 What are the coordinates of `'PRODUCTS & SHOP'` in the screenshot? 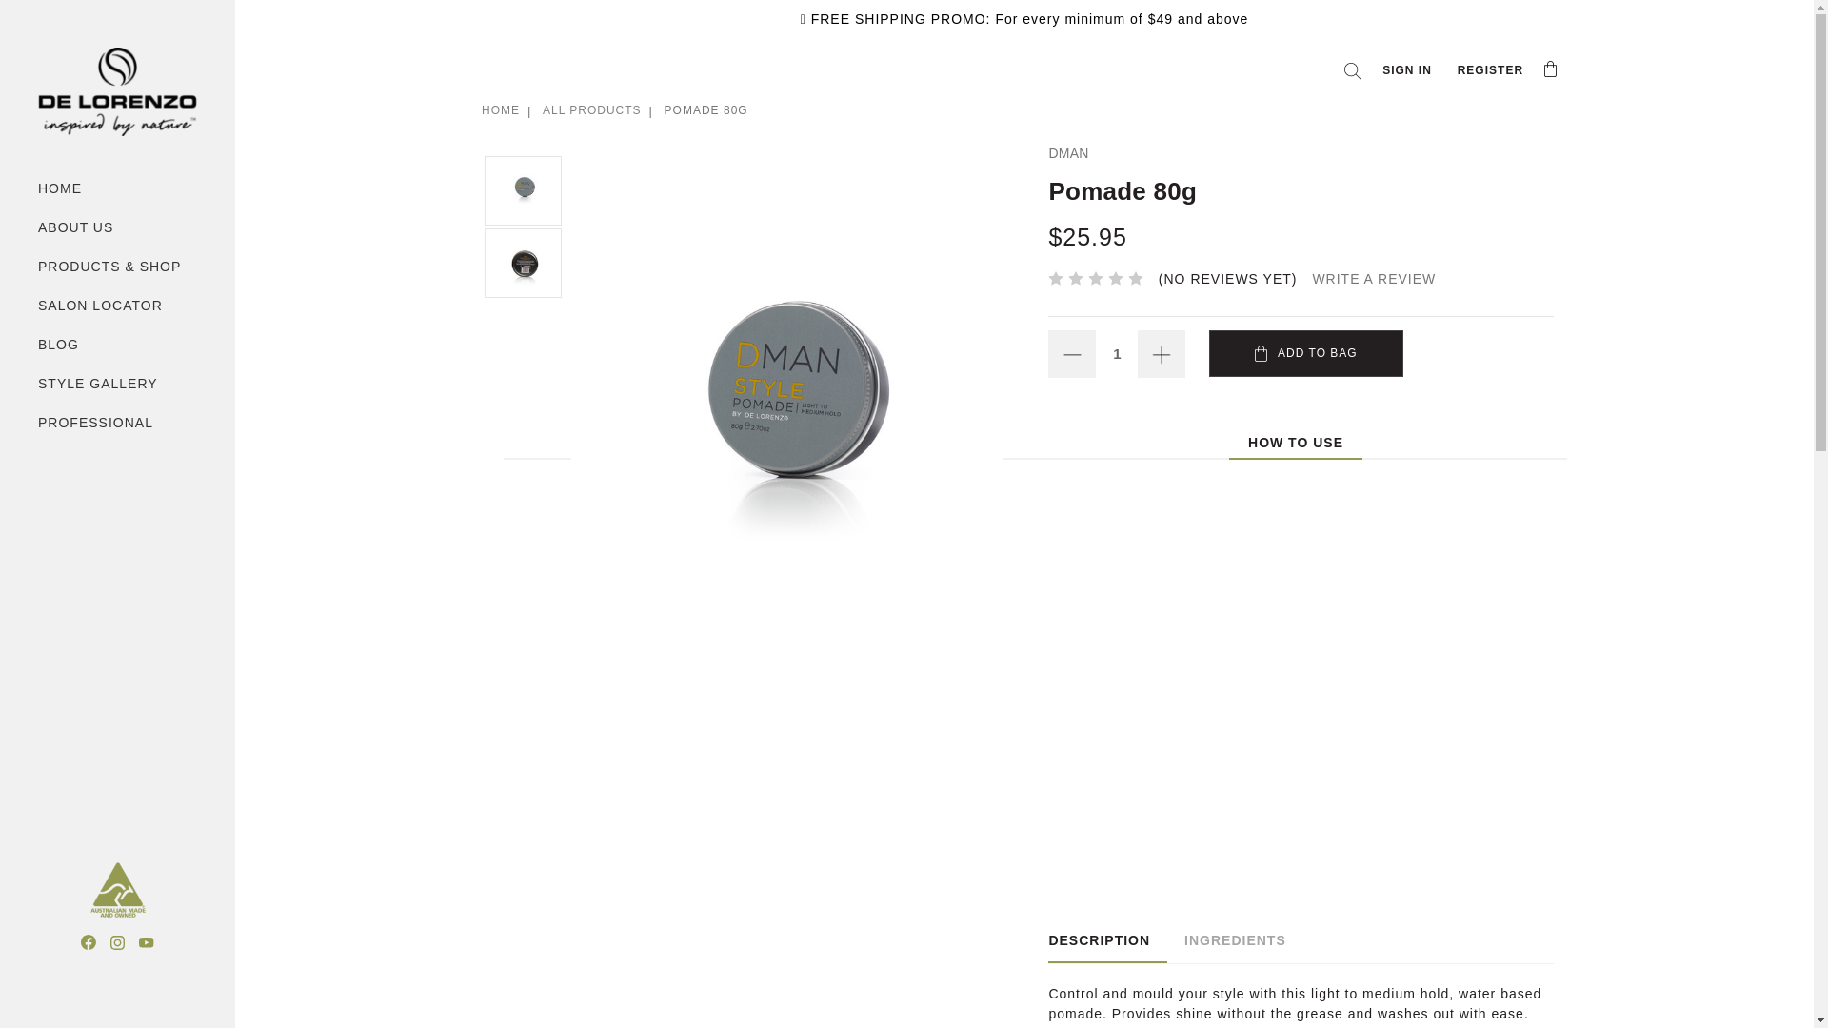 It's located at (116, 267).